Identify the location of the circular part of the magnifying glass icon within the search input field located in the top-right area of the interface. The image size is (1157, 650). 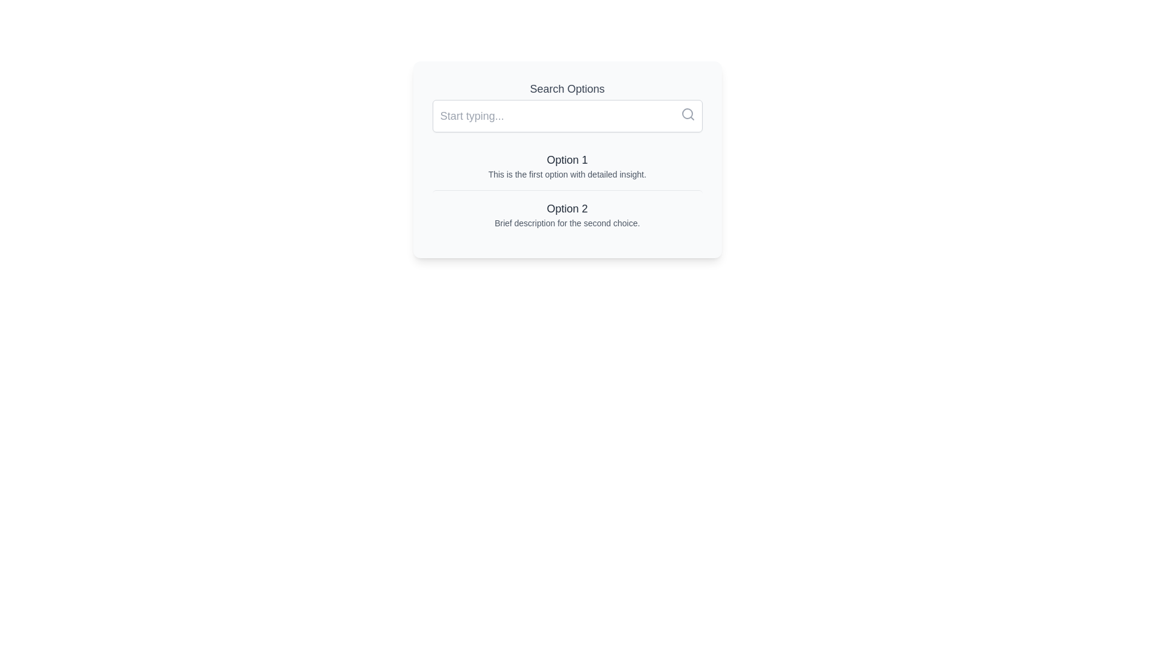
(687, 114).